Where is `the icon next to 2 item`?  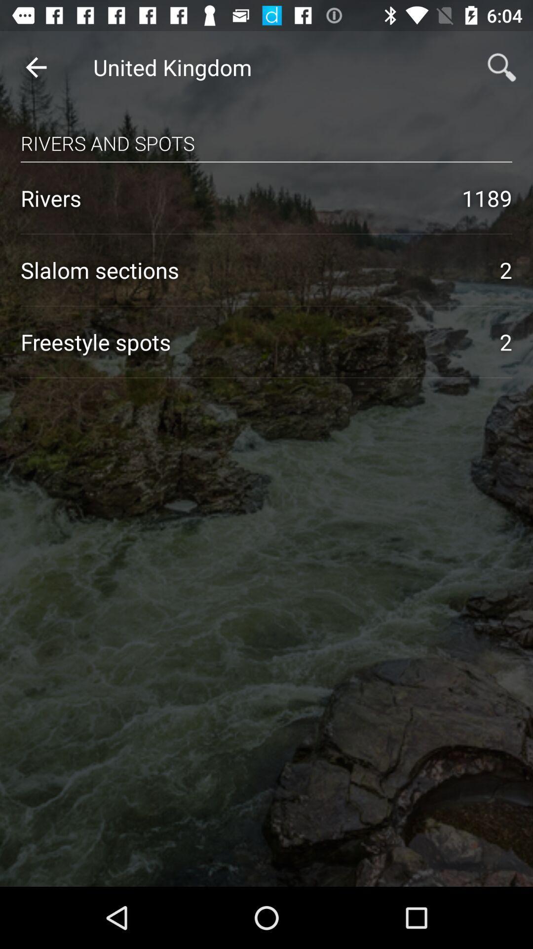
the icon next to 2 item is located at coordinates (249, 342).